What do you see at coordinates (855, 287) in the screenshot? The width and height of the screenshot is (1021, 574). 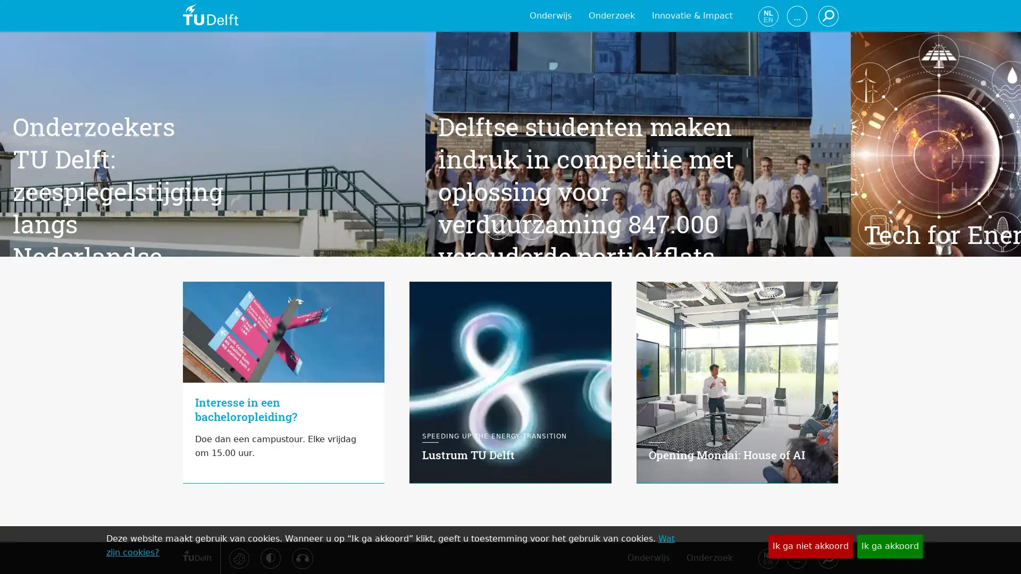 I see `Ga naar volgend item` at bounding box center [855, 287].